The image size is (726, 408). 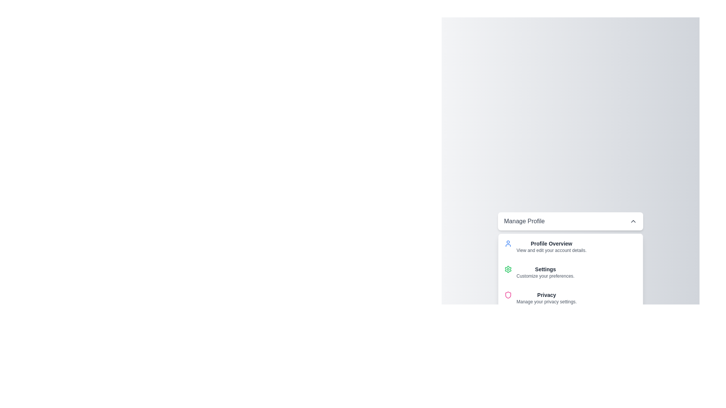 What do you see at coordinates (570, 272) in the screenshot?
I see `the second navigational list item in the dropdown panel that leads to settings, located between 'Profile Overview' and 'Privacy'` at bounding box center [570, 272].